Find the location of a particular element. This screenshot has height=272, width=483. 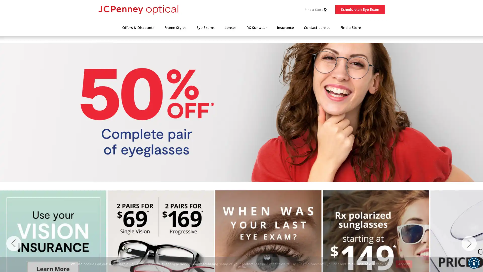

prev is located at coordinates (14, 243).